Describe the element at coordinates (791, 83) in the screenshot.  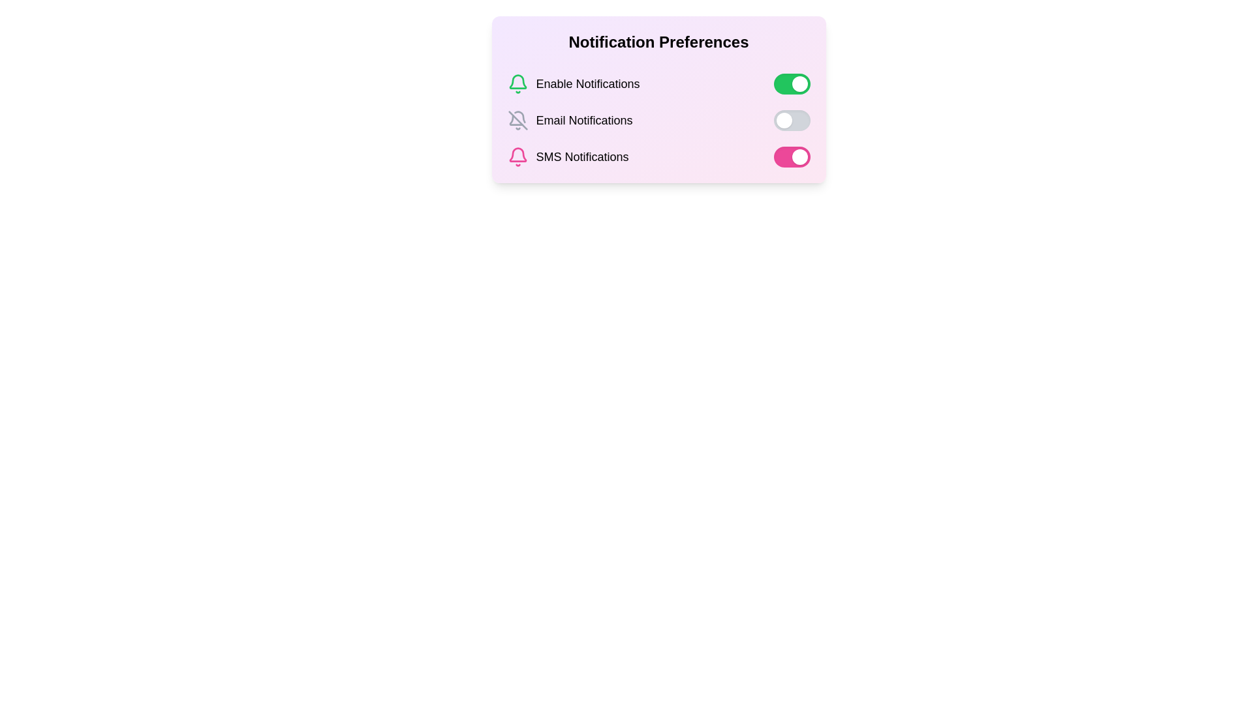
I see `the toggle switch for notifications, which is located to the far right of the 'Enable Notifications' row` at that location.